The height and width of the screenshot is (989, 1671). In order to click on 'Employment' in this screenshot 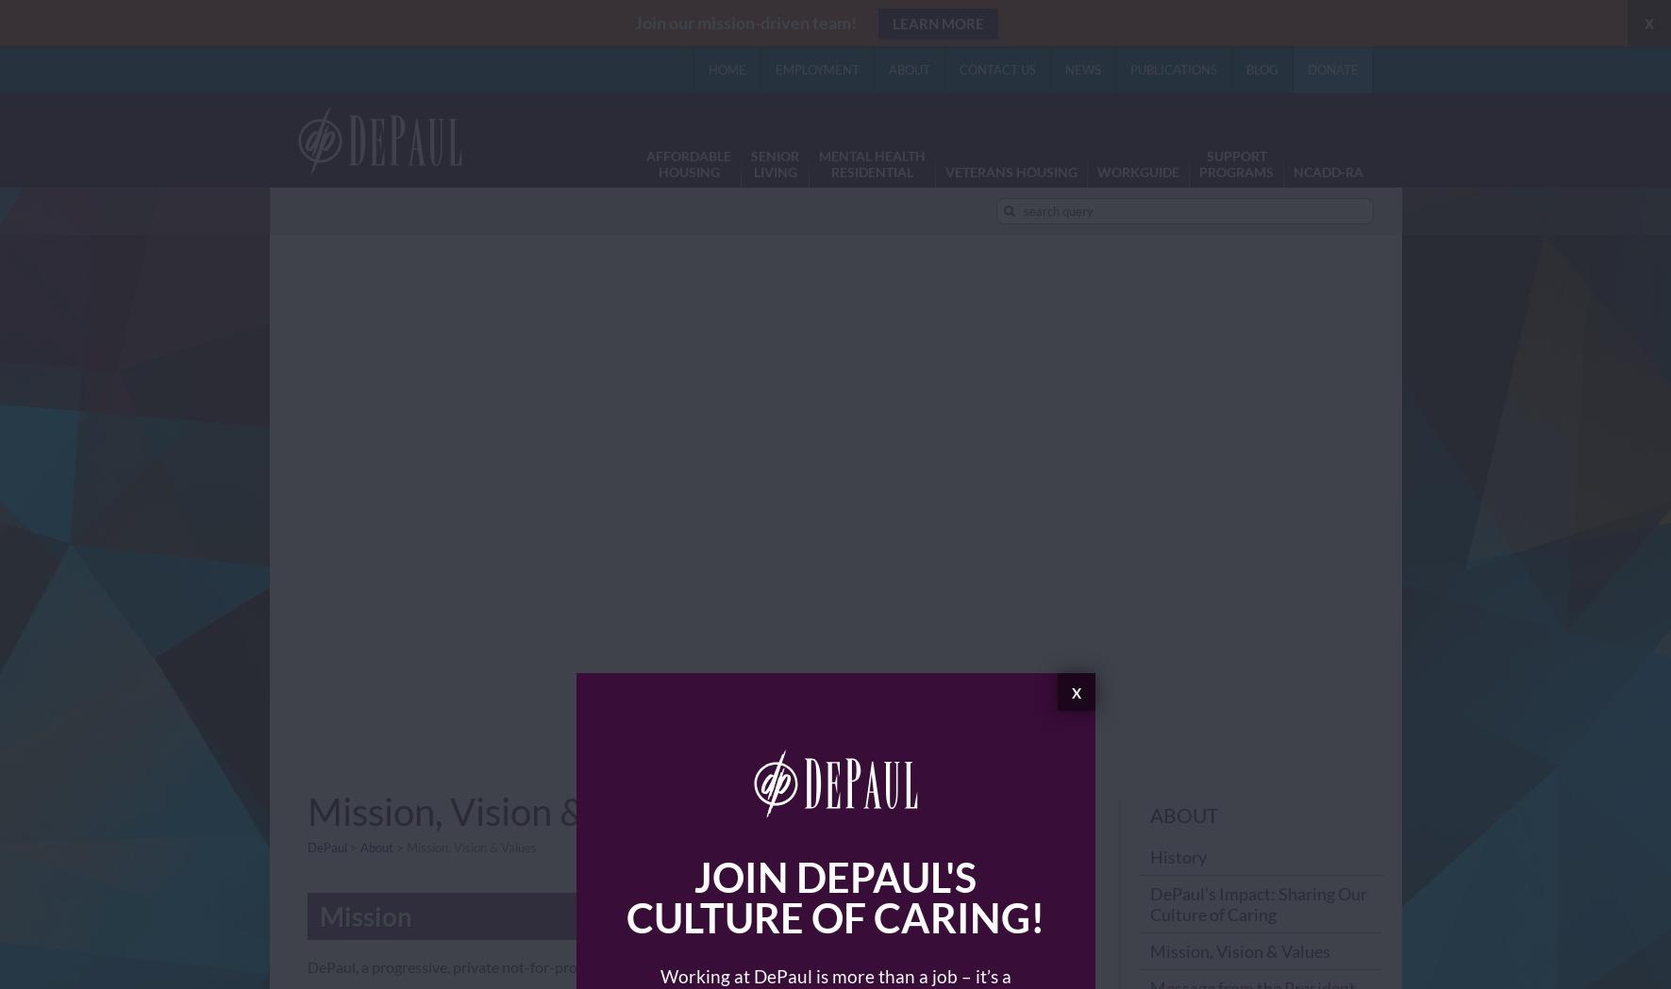, I will do `click(774, 69)`.